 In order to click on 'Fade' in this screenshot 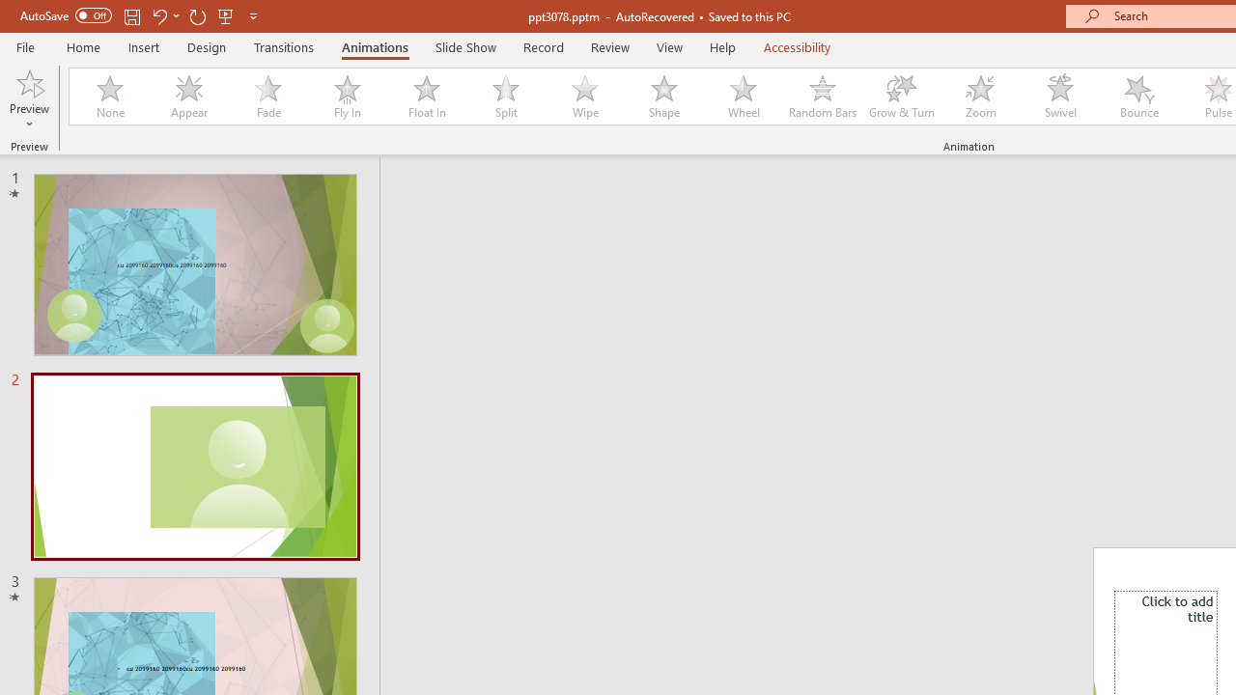, I will do `click(267, 97)`.